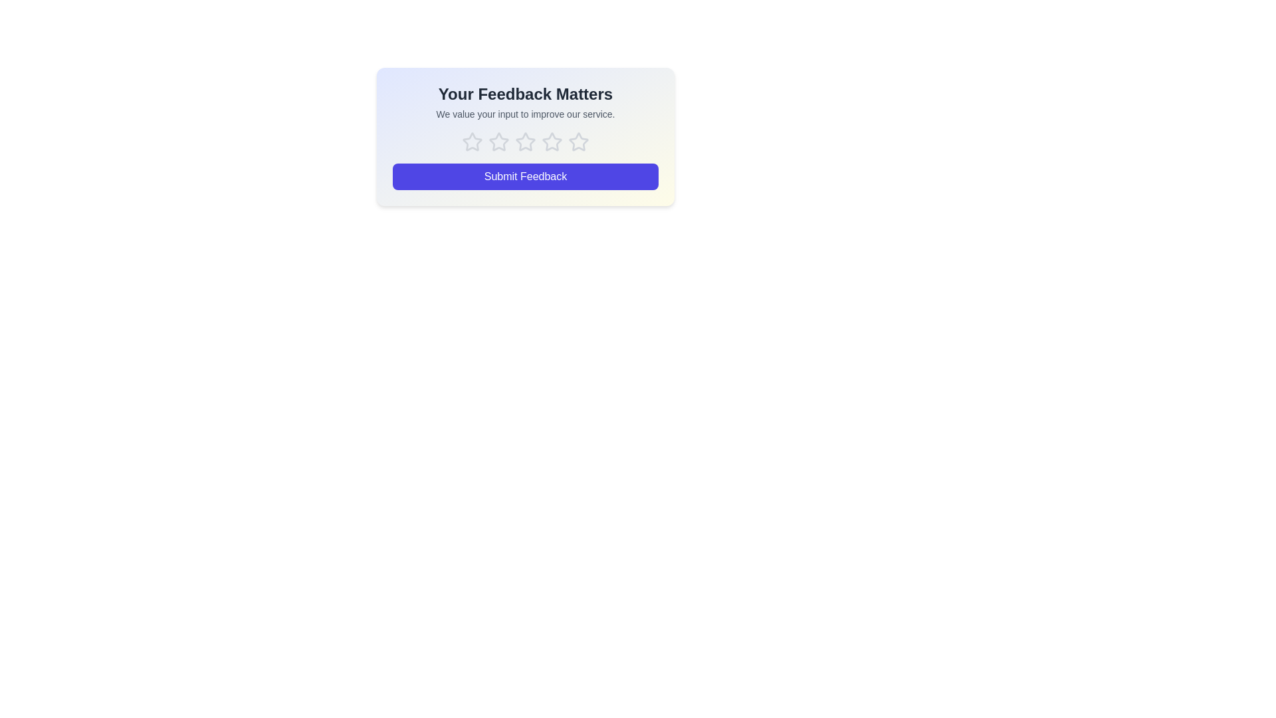 This screenshot has height=718, width=1276. Describe the element at coordinates (472, 142) in the screenshot. I see `the leftmost star icon in the rating system` at that location.